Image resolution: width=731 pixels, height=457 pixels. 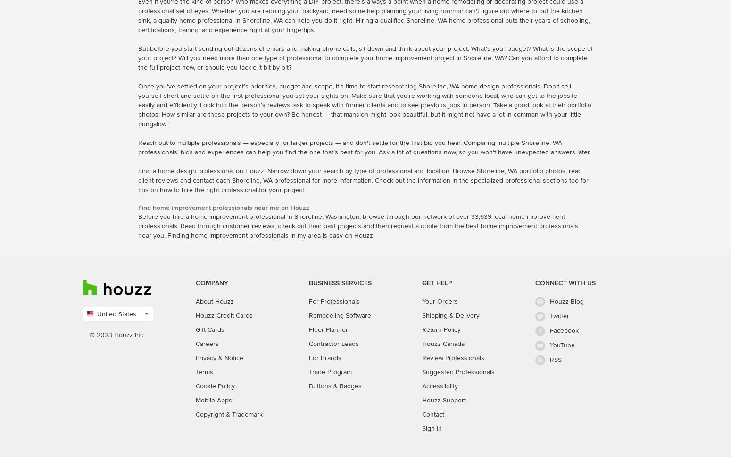 What do you see at coordinates (437, 282) in the screenshot?
I see `'GET HELP'` at bounding box center [437, 282].